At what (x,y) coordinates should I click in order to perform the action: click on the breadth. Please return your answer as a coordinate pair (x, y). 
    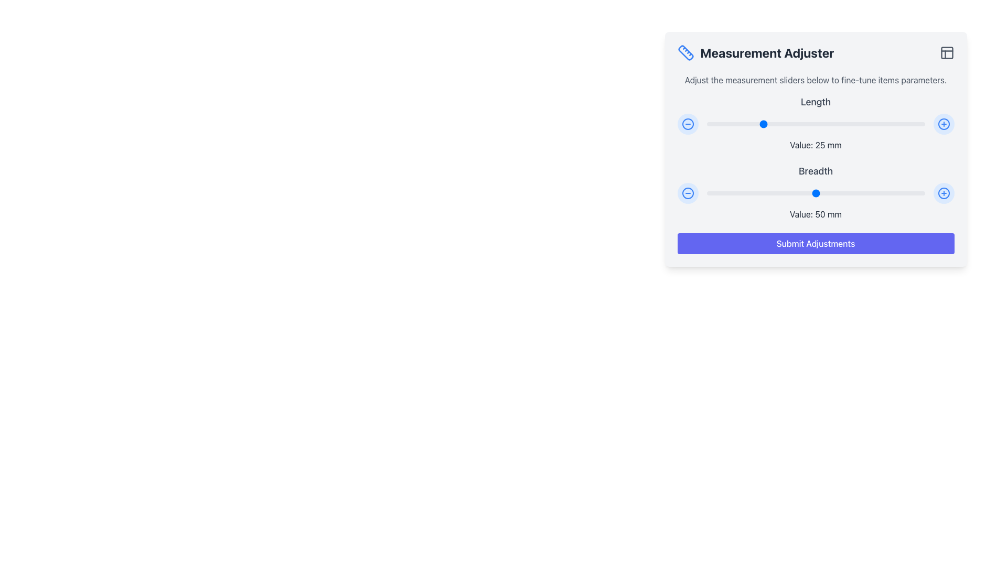
    Looking at the image, I should click on (711, 193).